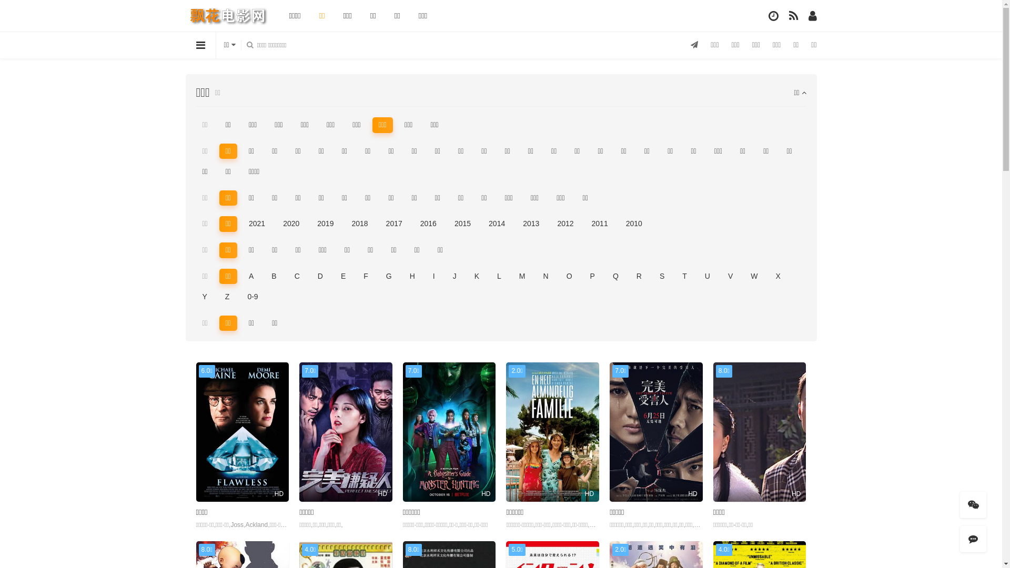 The width and height of the screenshot is (1010, 568). Describe the element at coordinates (512, 276) in the screenshot. I see `'M'` at that location.